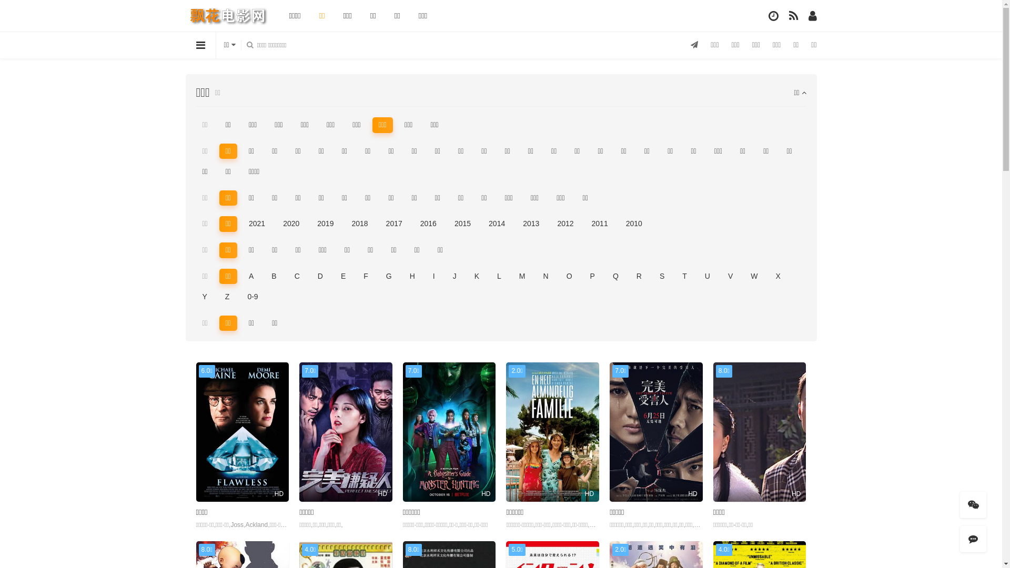 The width and height of the screenshot is (1010, 568). Describe the element at coordinates (512, 276) in the screenshot. I see `'M'` at that location.